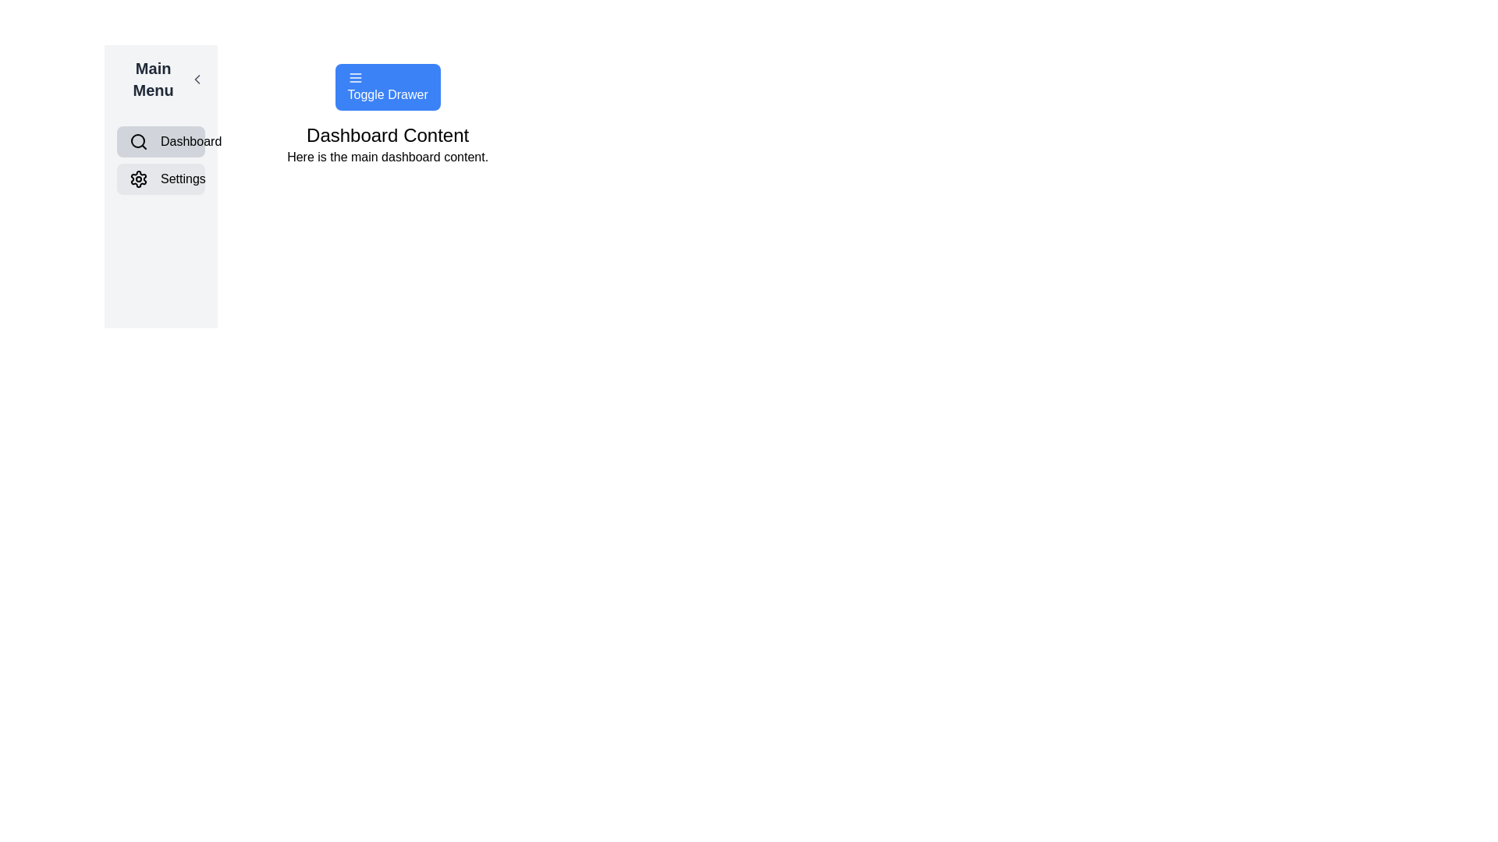 This screenshot has width=1498, height=842. I want to click on the navigation button for the Dashboard section, located under 'Main Menu' and above 'Settings', so click(161, 141).